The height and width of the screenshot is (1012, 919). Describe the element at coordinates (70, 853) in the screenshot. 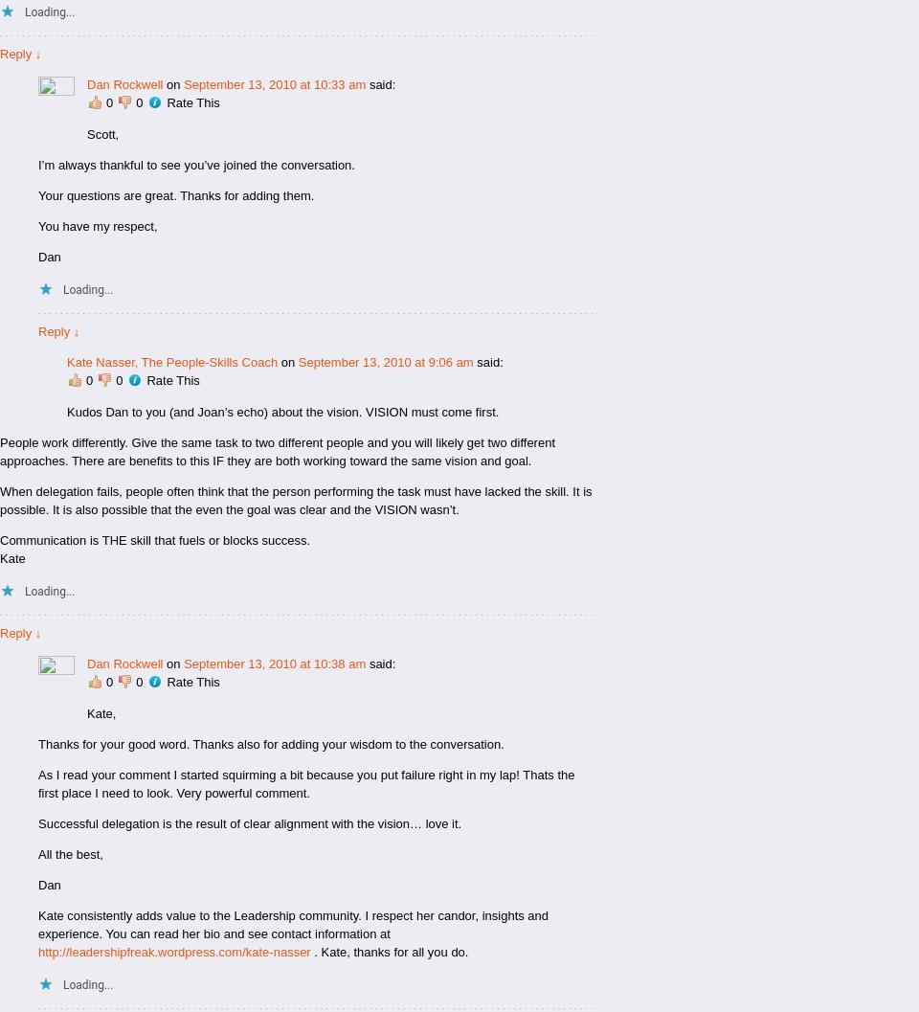

I see `'All the best,'` at that location.